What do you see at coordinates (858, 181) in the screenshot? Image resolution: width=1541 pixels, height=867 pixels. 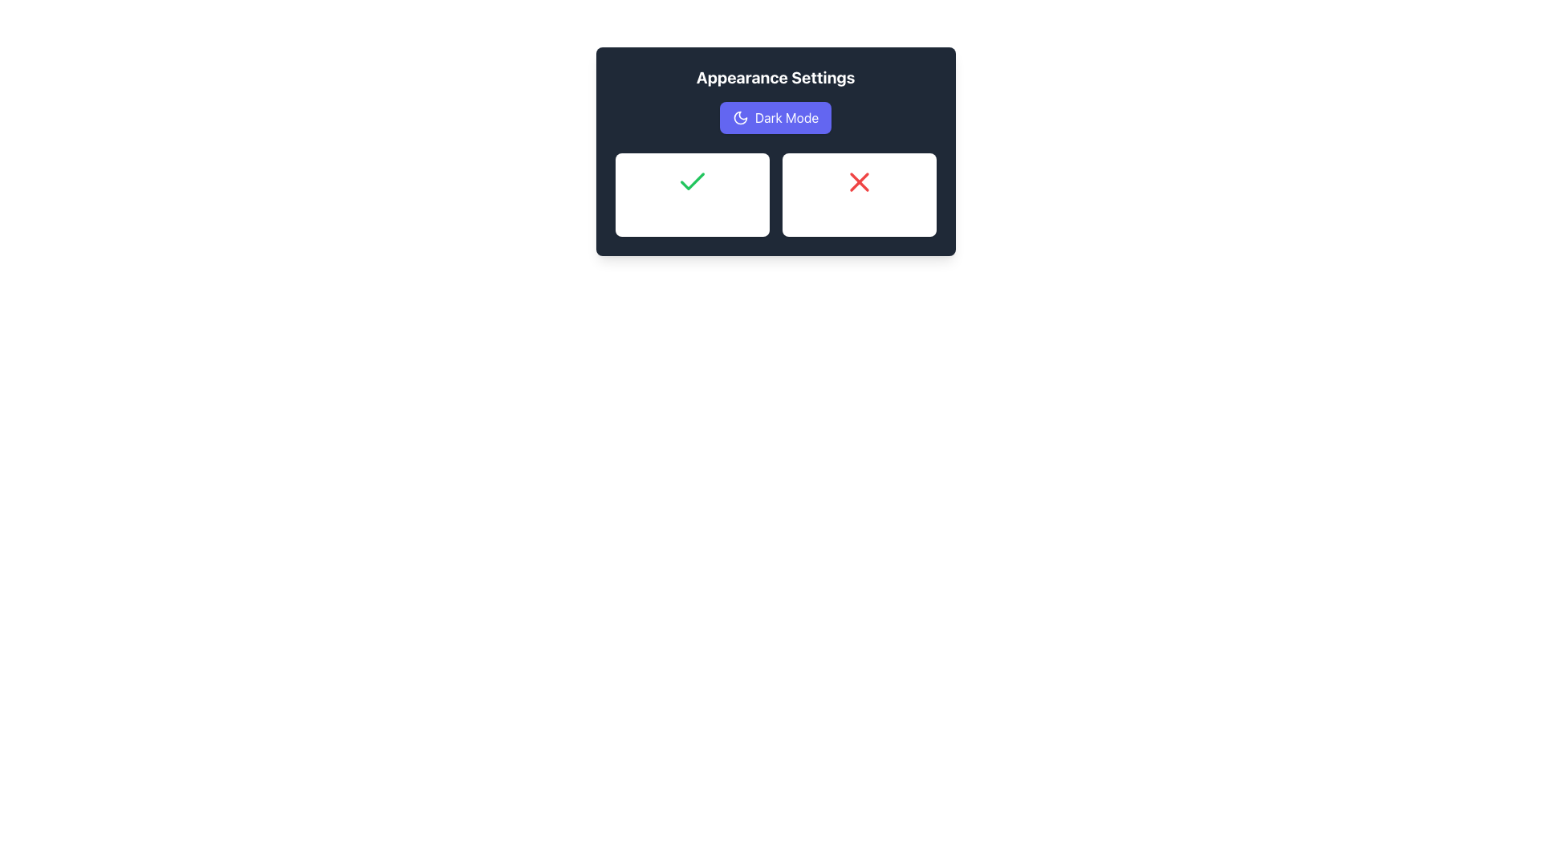 I see `the red cross icon located on the right side of the horizontal pair of elements beneath the 'Appearance Settings' section to reject or close` at bounding box center [858, 181].